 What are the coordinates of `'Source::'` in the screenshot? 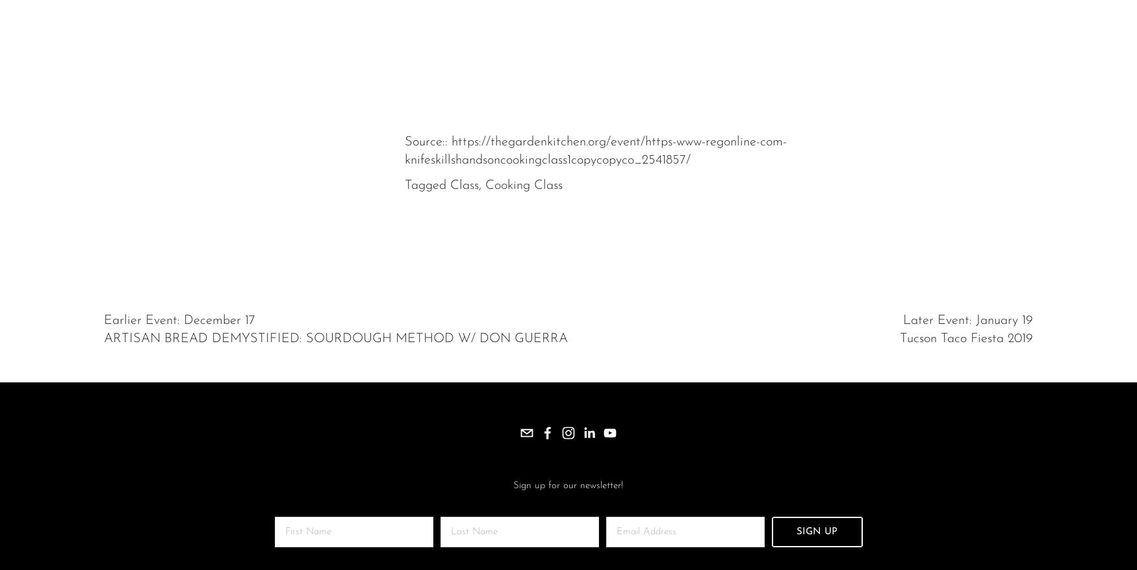 It's located at (428, 141).